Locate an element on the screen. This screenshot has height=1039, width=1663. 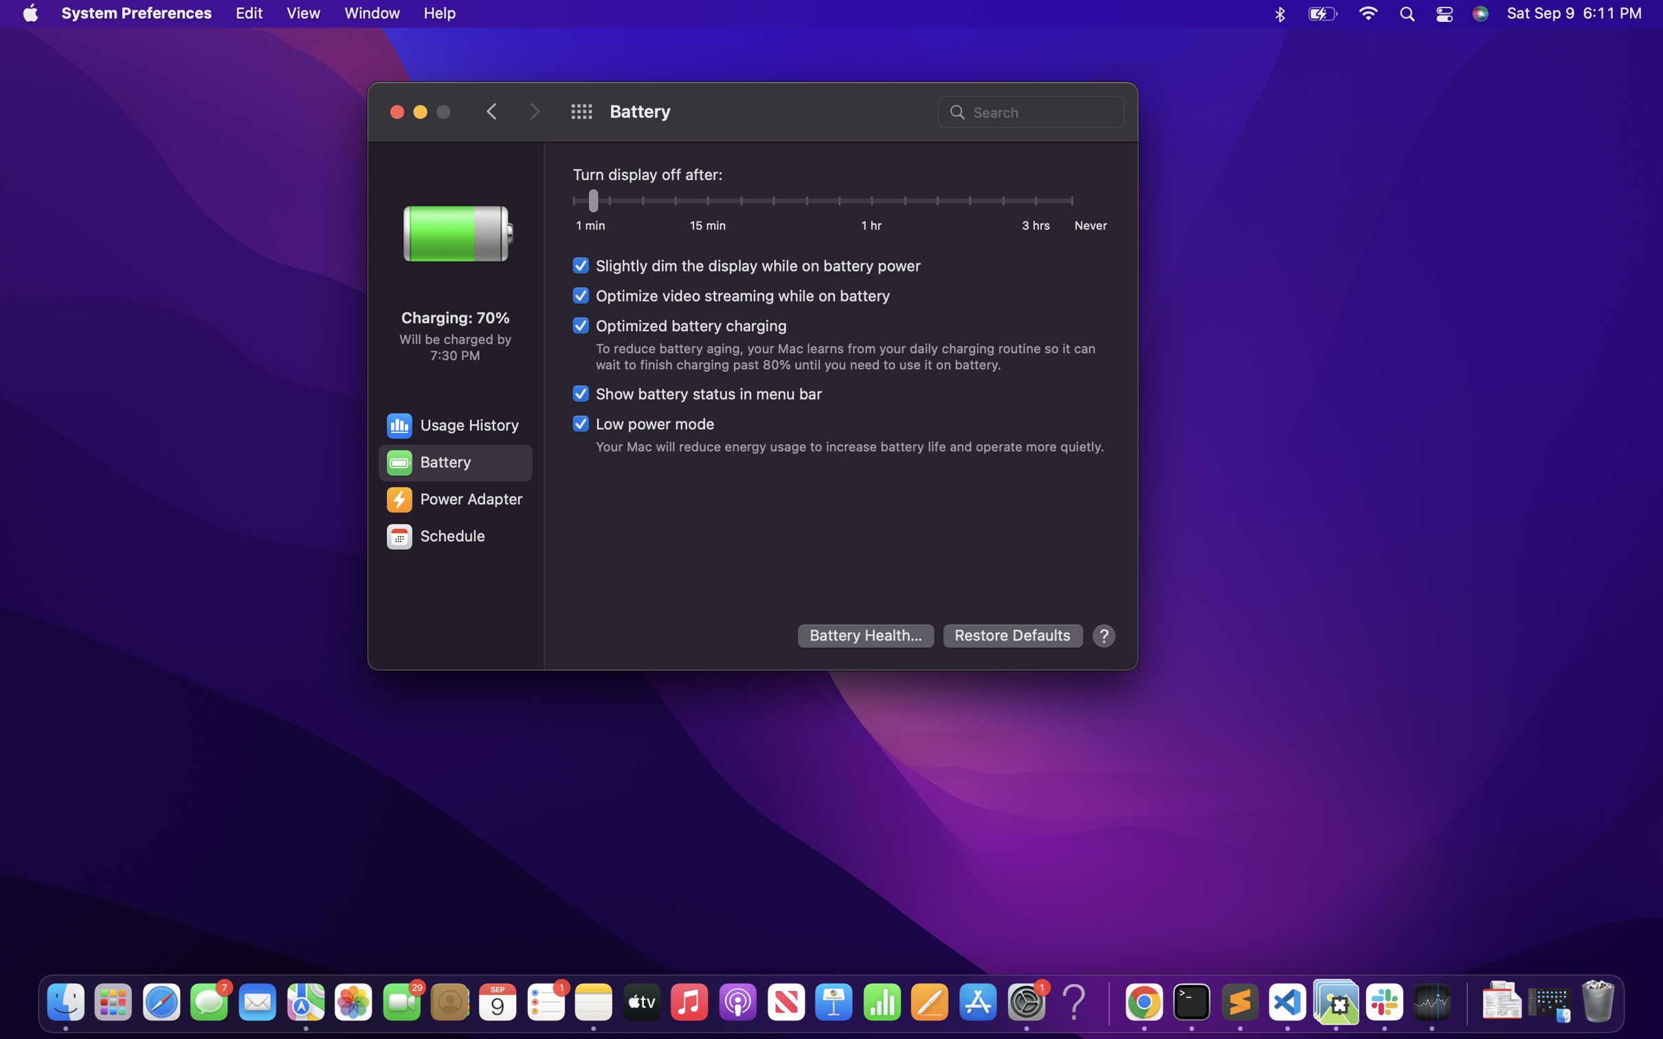
the scheduling option for your Mac"s boot time is located at coordinates (454, 537).